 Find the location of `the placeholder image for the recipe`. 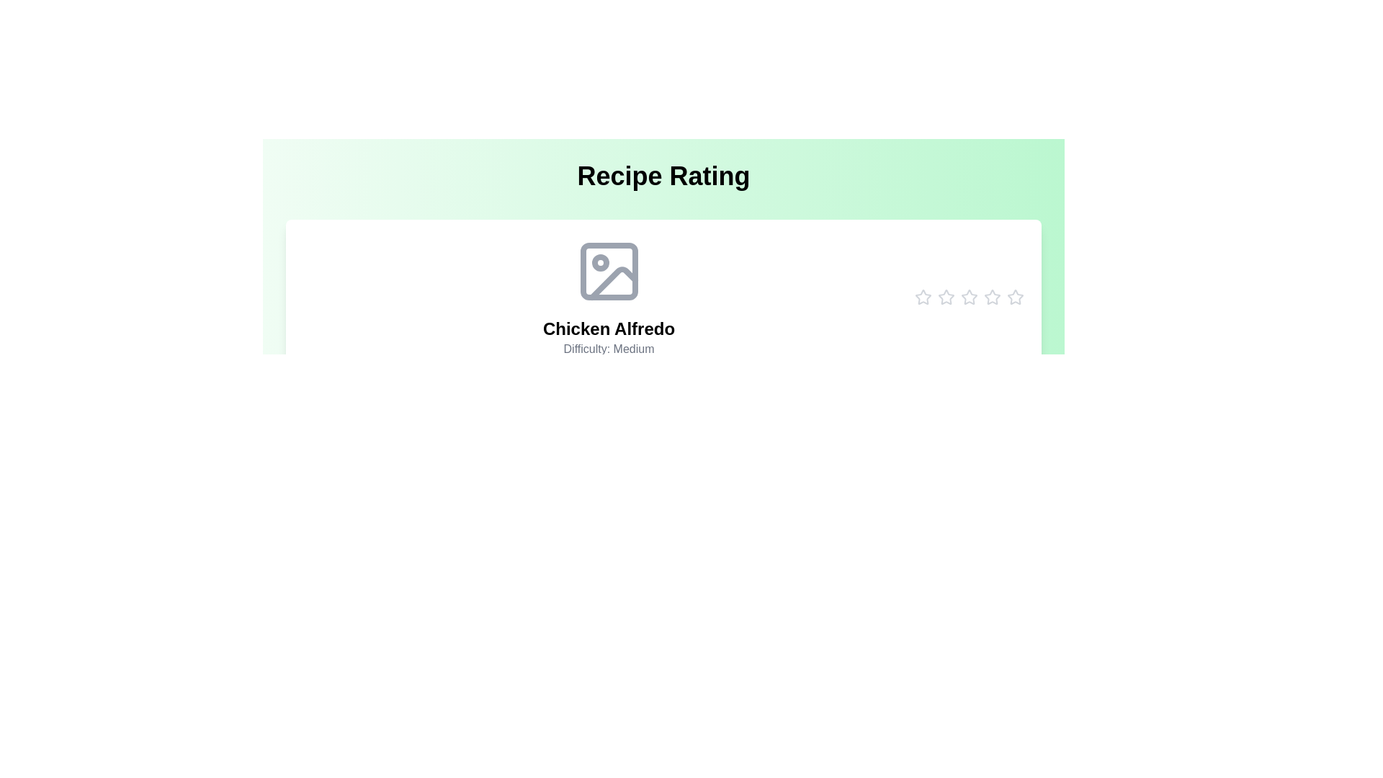

the placeholder image for the recipe is located at coordinates (609, 272).